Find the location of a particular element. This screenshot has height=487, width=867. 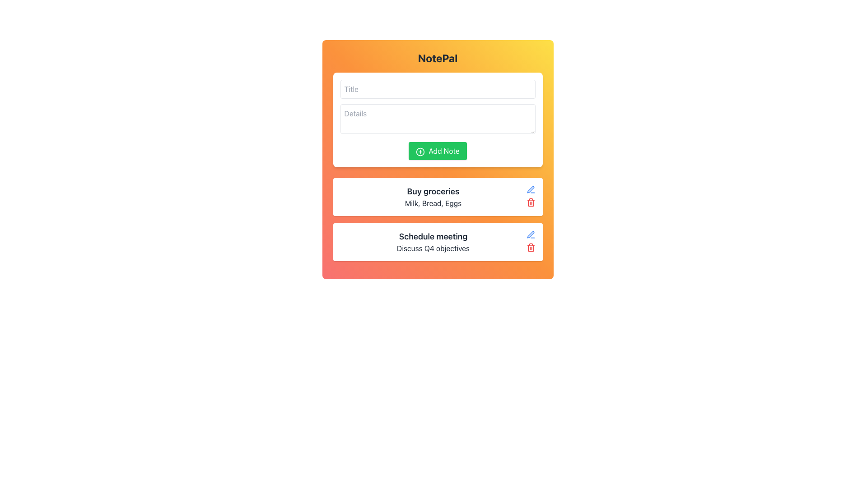

the text label indicating the main topic or task for the note, which is located centrally within the second note card, below the note card titled 'Buy groceries' is located at coordinates (433, 236).